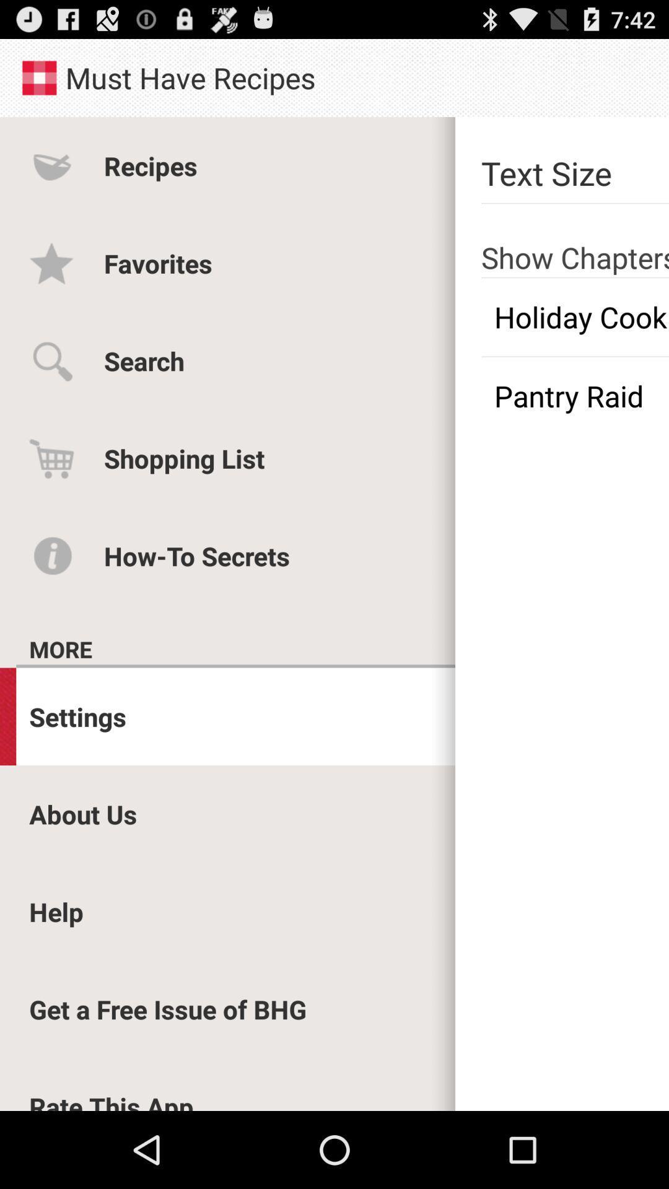 Image resolution: width=669 pixels, height=1189 pixels. What do you see at coordinates (575, 395) in the screenshot?
I see `icon to the right of shopping list` at bounding box center [575, 395].